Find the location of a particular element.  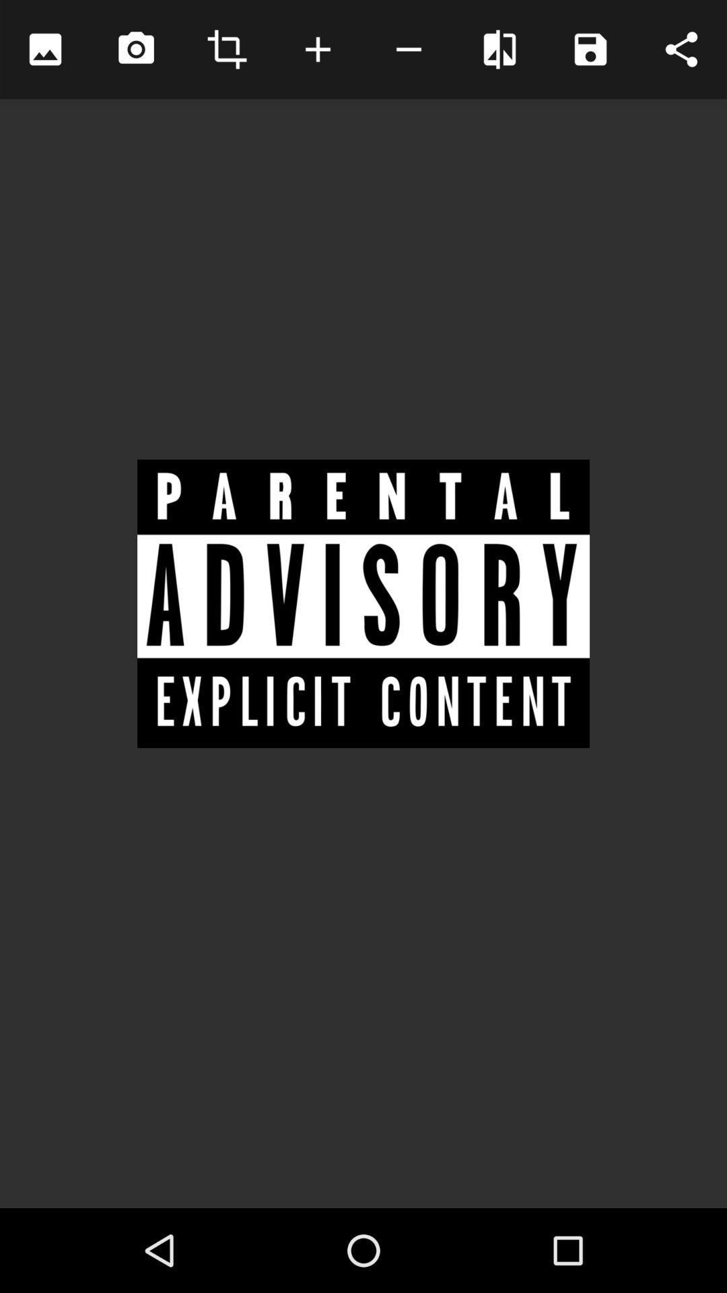

the share icon is located at coordinates (681, 49).